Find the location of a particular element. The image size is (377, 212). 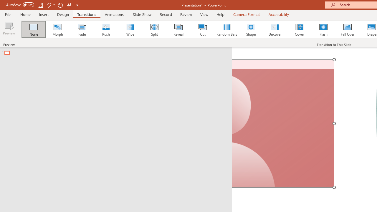

'Uncover' is located at coordinates (275, 29).